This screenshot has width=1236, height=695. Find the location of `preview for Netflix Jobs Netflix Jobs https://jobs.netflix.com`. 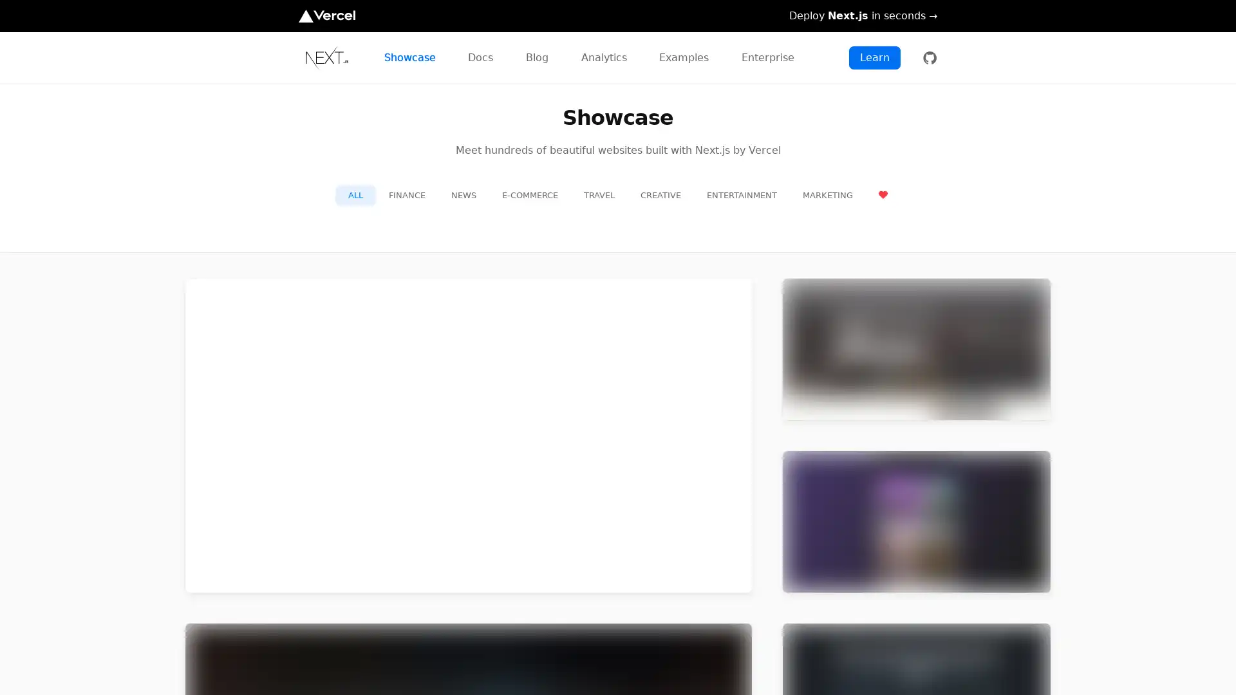

preview for Netflix Jobs Netflix Jobs https://jobs.netflix.com is located at coordinates (916, 349).